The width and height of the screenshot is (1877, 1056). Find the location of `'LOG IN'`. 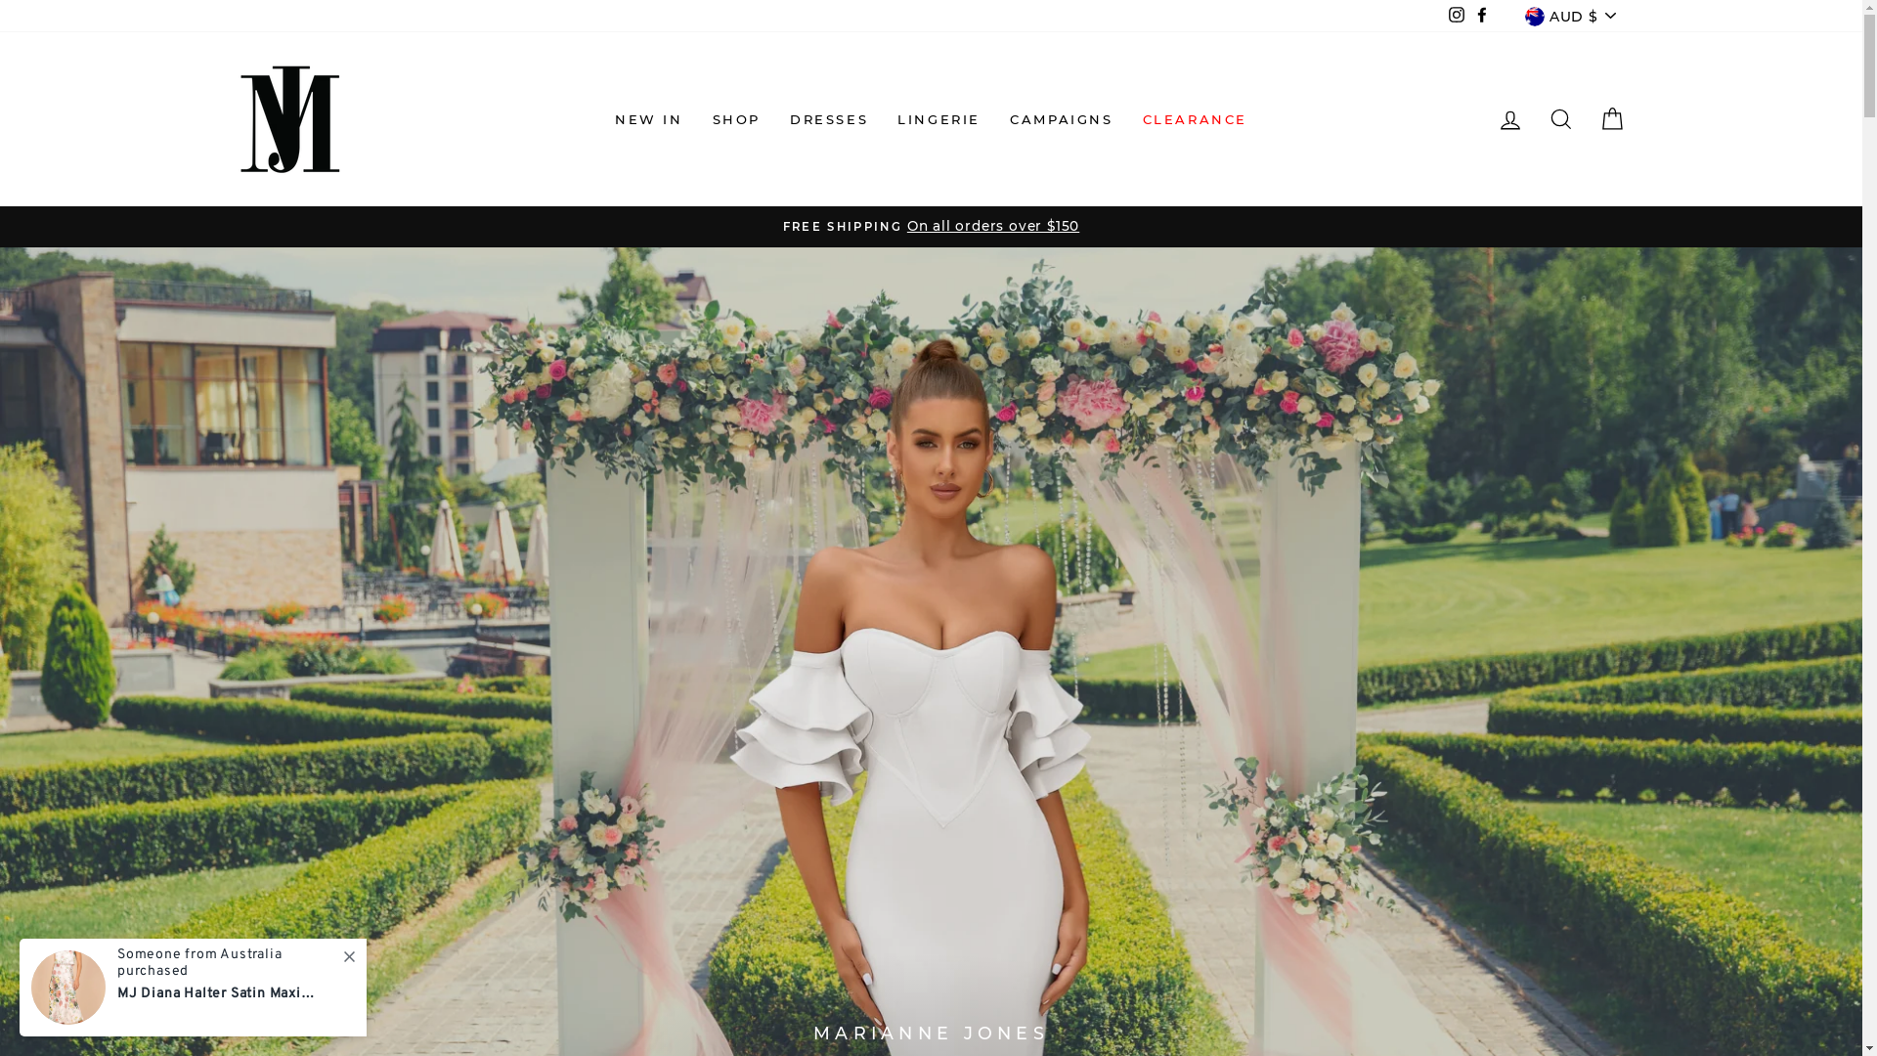

'LOG IN' is located at coordinates (1508, 119).